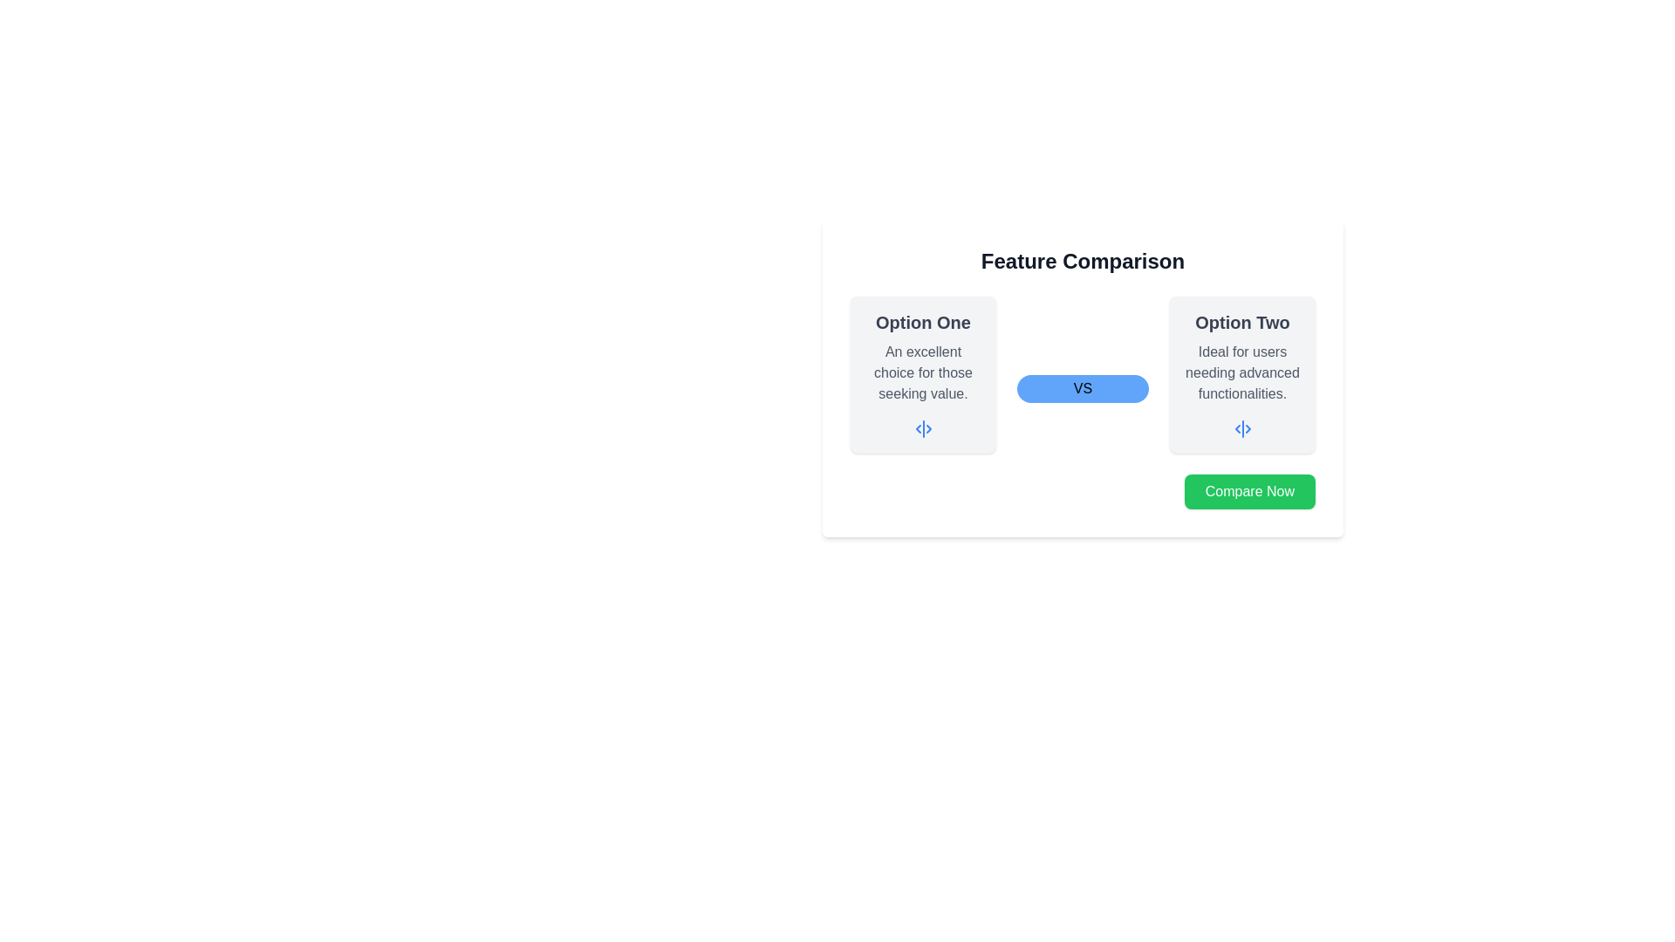  What do you see at coordinates (922, 372) in the screenshot?
I see `the text description that summarizes the benefits of the associated option within the 'Option One' card in the feature comparison layout` at bounding box center [922, 372].